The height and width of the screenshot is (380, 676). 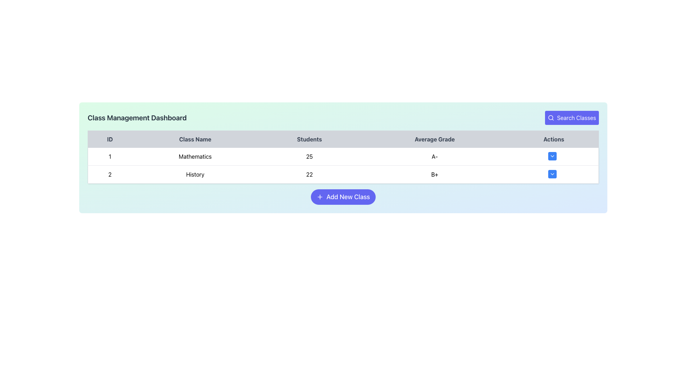 I want to click on the Dropdown indicator icon located in the Actions column of the second row in the table, which is within a blue button to the right of the text 'B+', so click(x=552, y=156).